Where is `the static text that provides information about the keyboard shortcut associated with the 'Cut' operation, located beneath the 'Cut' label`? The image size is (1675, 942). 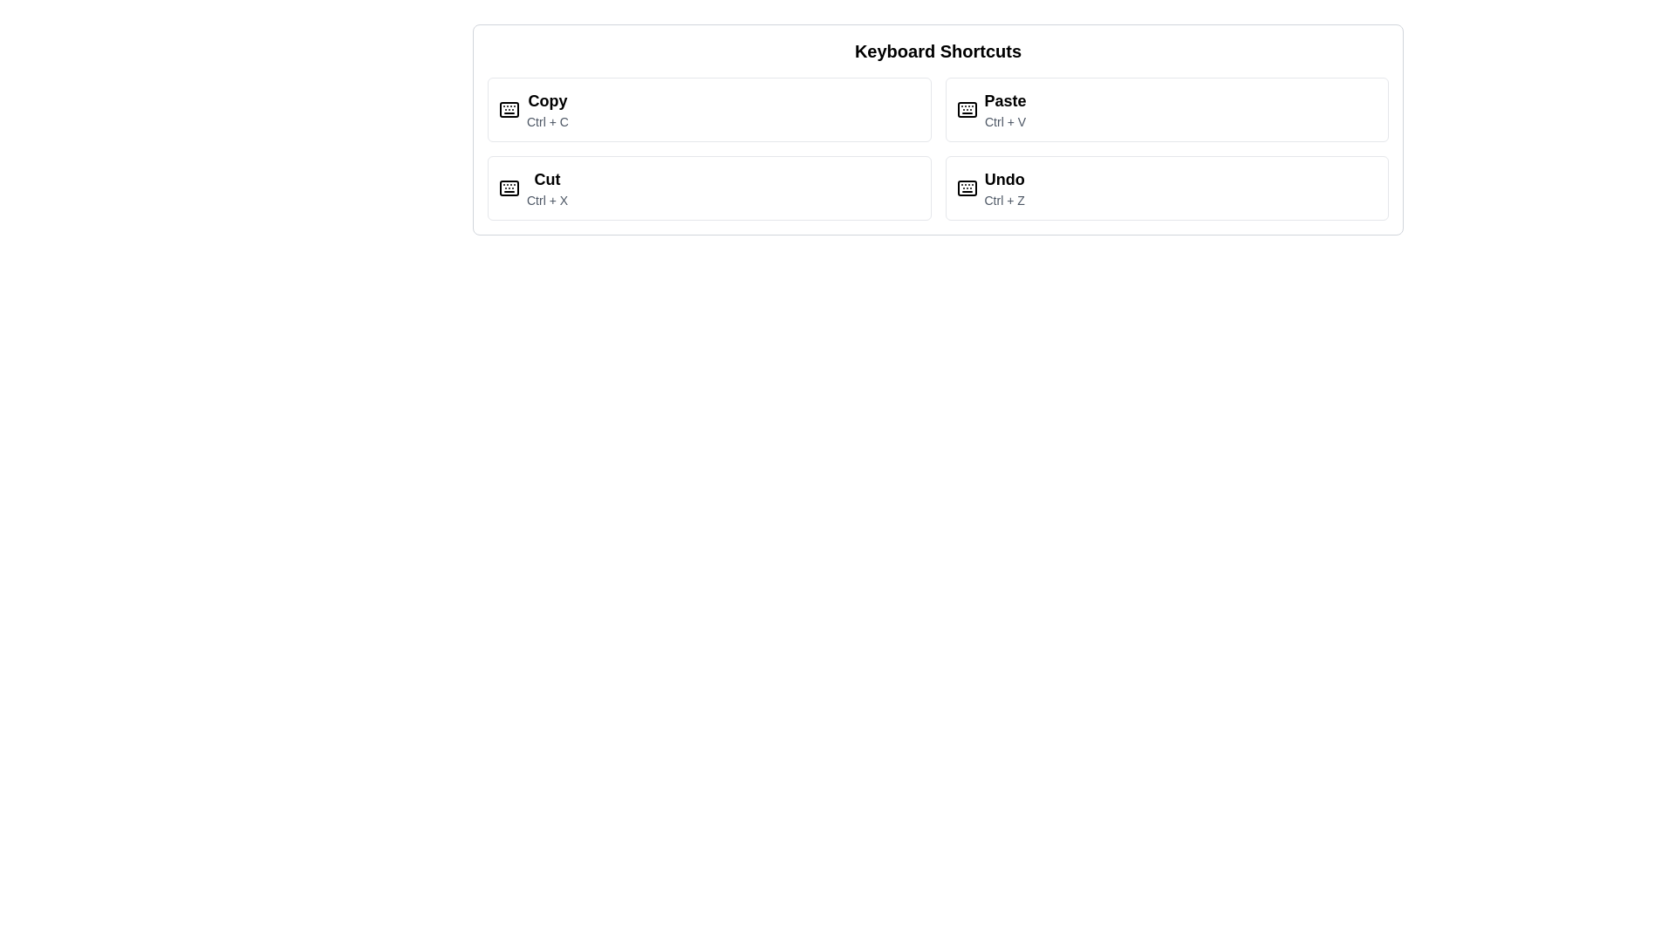 the static text that provides information about the keyboard shortcut associated with the 'Cut' operation, located beneath the 'Cut' label is located at coordinates (546, 200).